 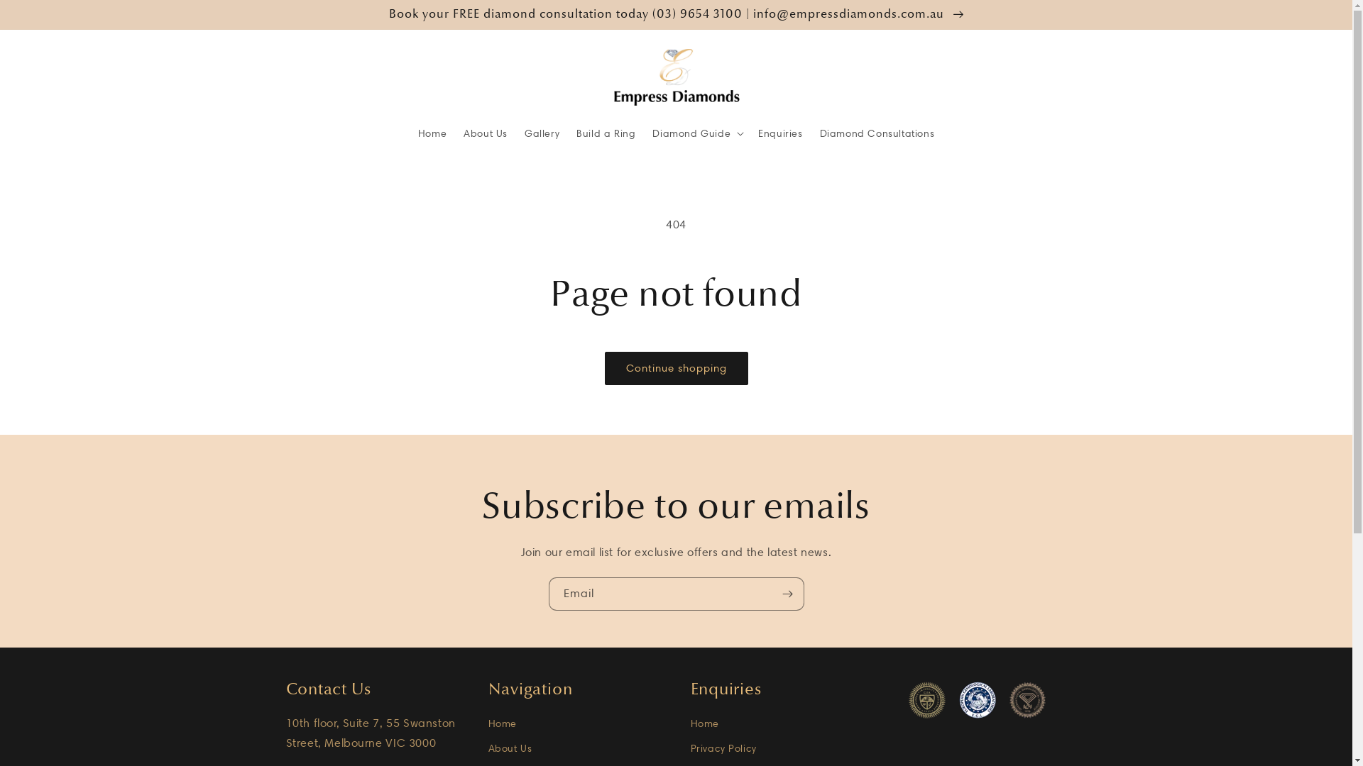 I want to click on 'Home', so click(x=689, y=725).